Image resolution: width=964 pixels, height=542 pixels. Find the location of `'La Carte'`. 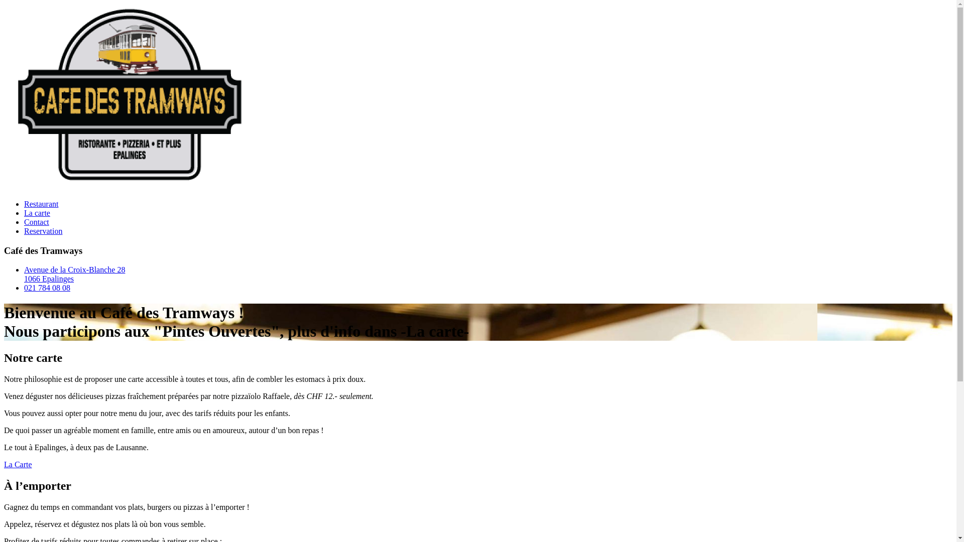

'La Carte' is located at coordinates (18, 464).